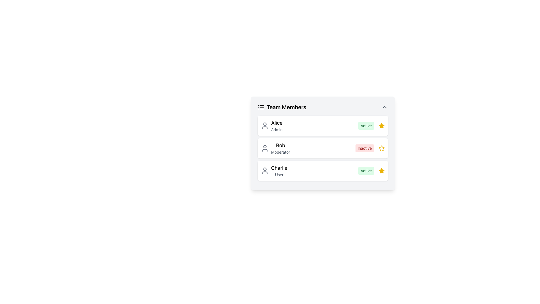 Image resolution: width=540 pixels, height=304 pixels. I want to click on the lower part of the user profile icon associated with 'Bob' in the Team Members list, located next to the 'Moderator' label, so click(264, 150).